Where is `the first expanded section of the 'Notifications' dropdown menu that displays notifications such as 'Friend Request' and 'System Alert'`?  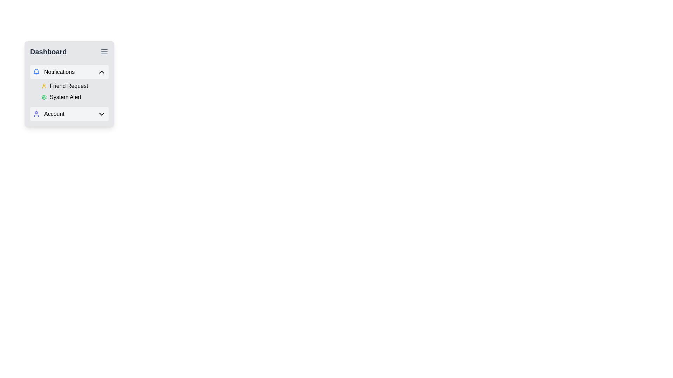 the first expanded section of the 'Notifications' dropdown menu that displays notifications such as 'Friend Request' and 'System Alert' is located at coordinates (69, 83).